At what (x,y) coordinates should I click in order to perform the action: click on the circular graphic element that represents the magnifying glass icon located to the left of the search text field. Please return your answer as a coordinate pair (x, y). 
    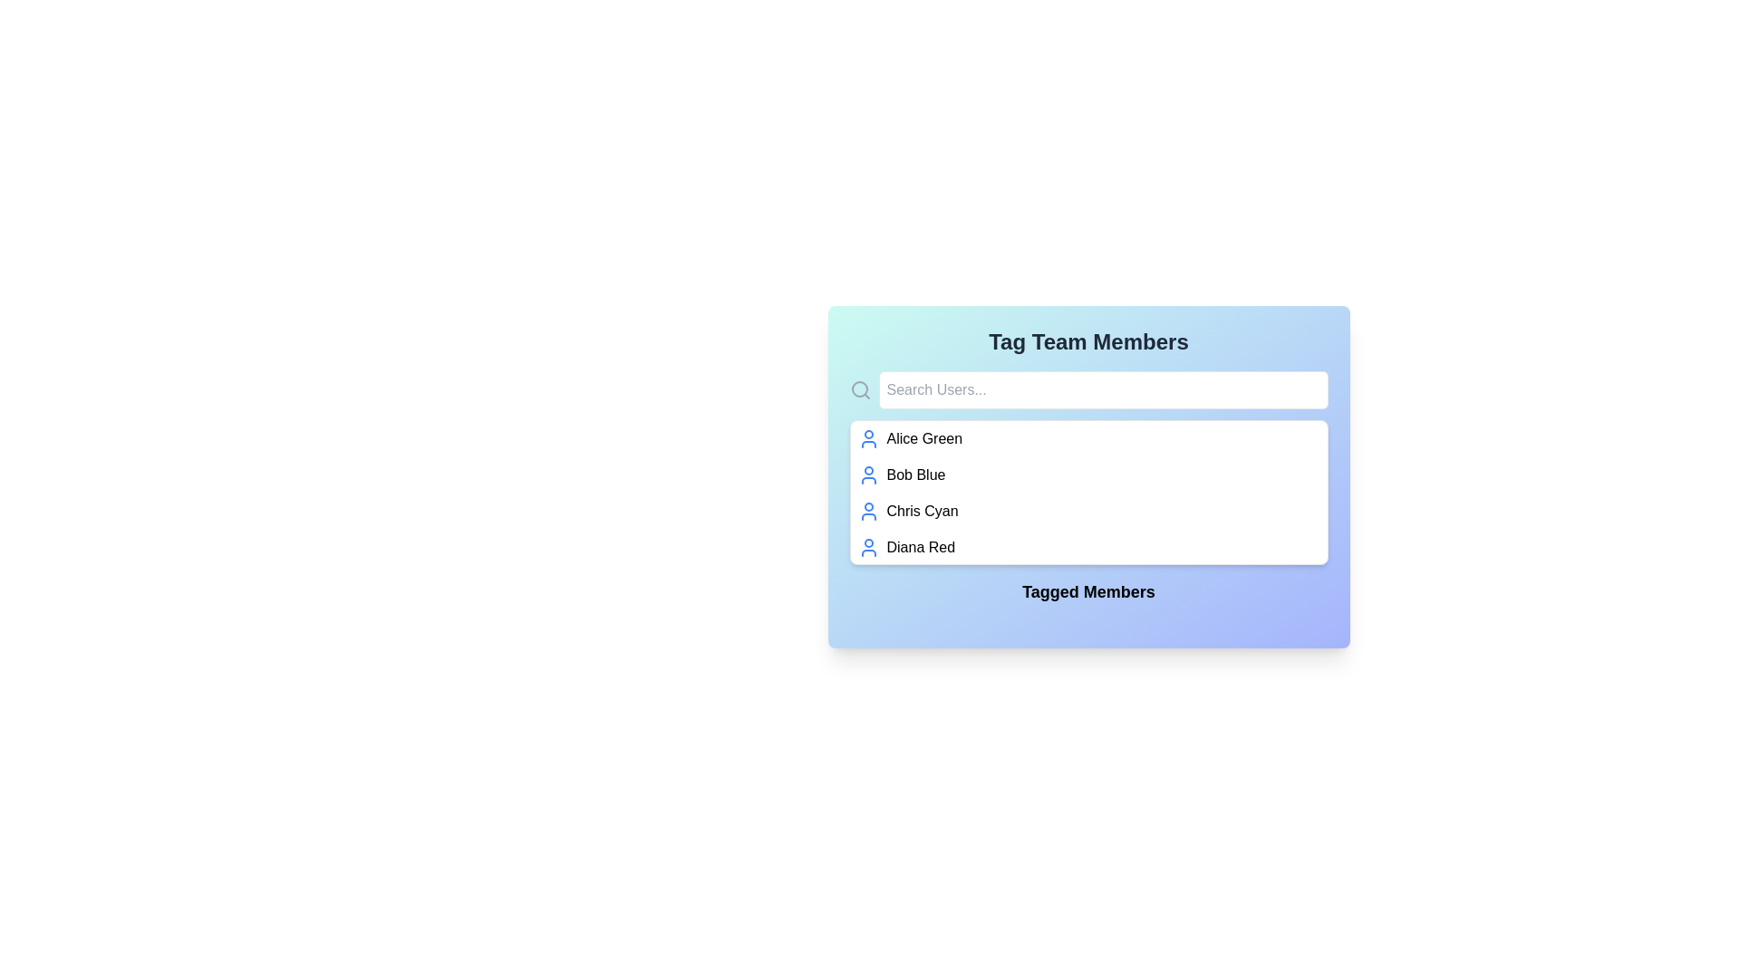
    Looking at the image, I should click on (858, 388).